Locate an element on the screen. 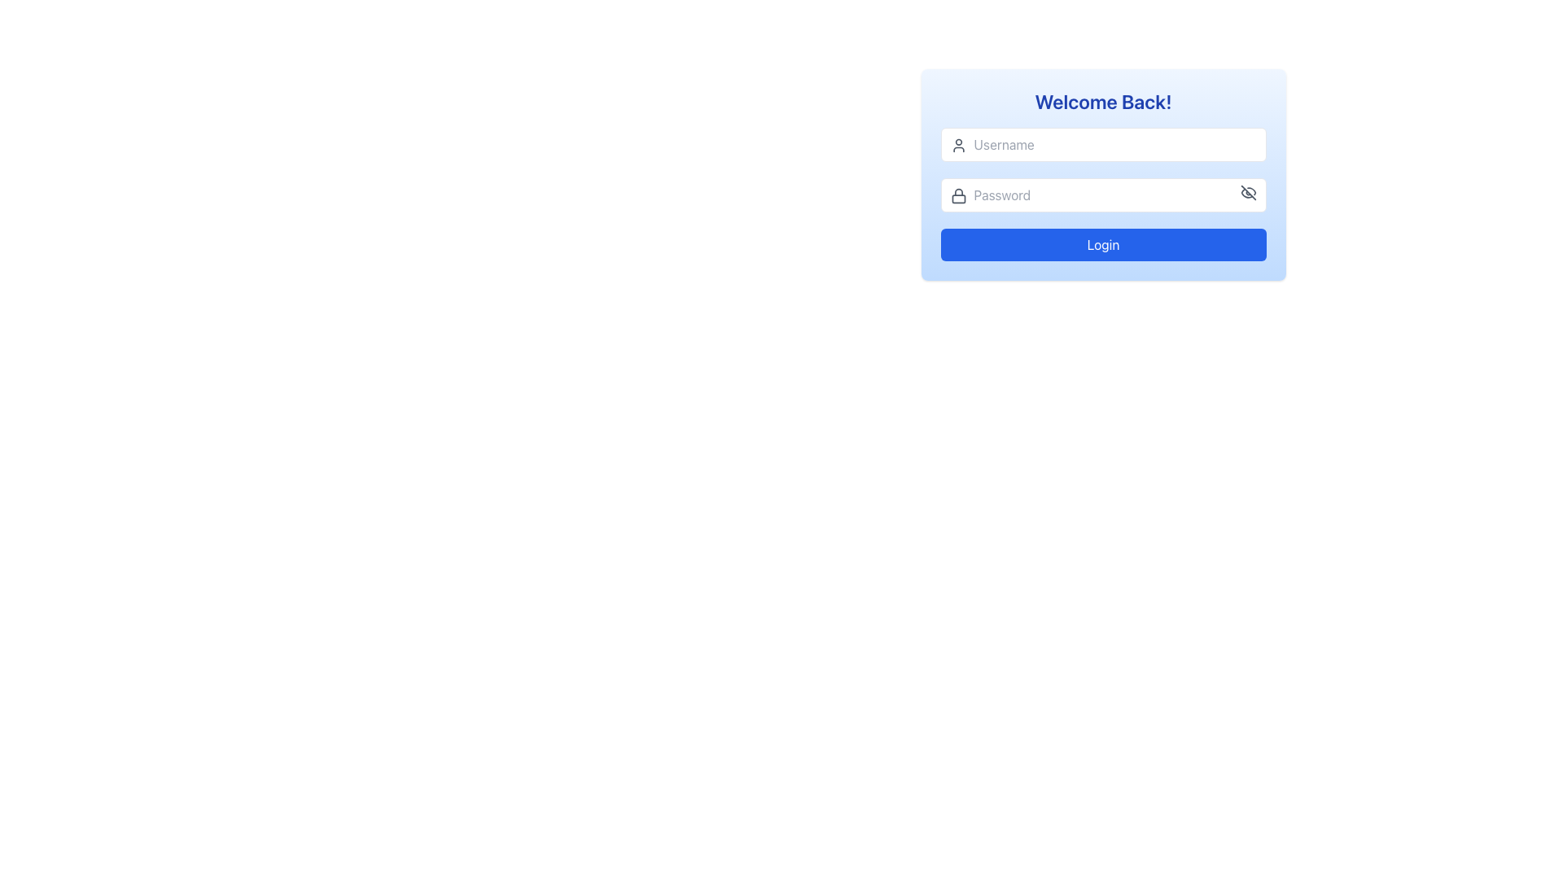 The image size is (1563, 879). the iconic element representing a line crossing an eye symbol is located at coordinates (1247, 191).